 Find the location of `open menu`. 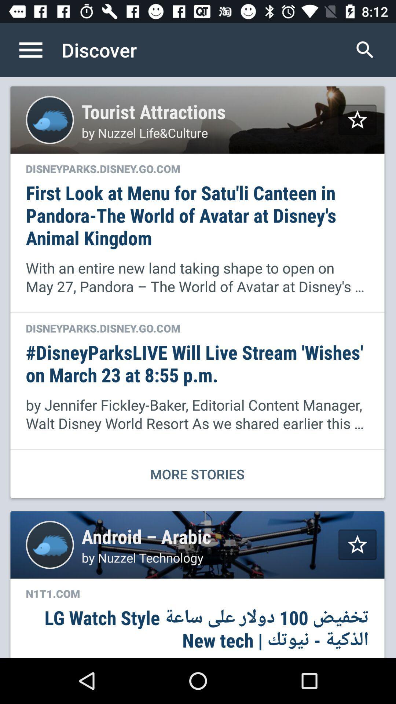

open menu is located at coordinates (38, 49).